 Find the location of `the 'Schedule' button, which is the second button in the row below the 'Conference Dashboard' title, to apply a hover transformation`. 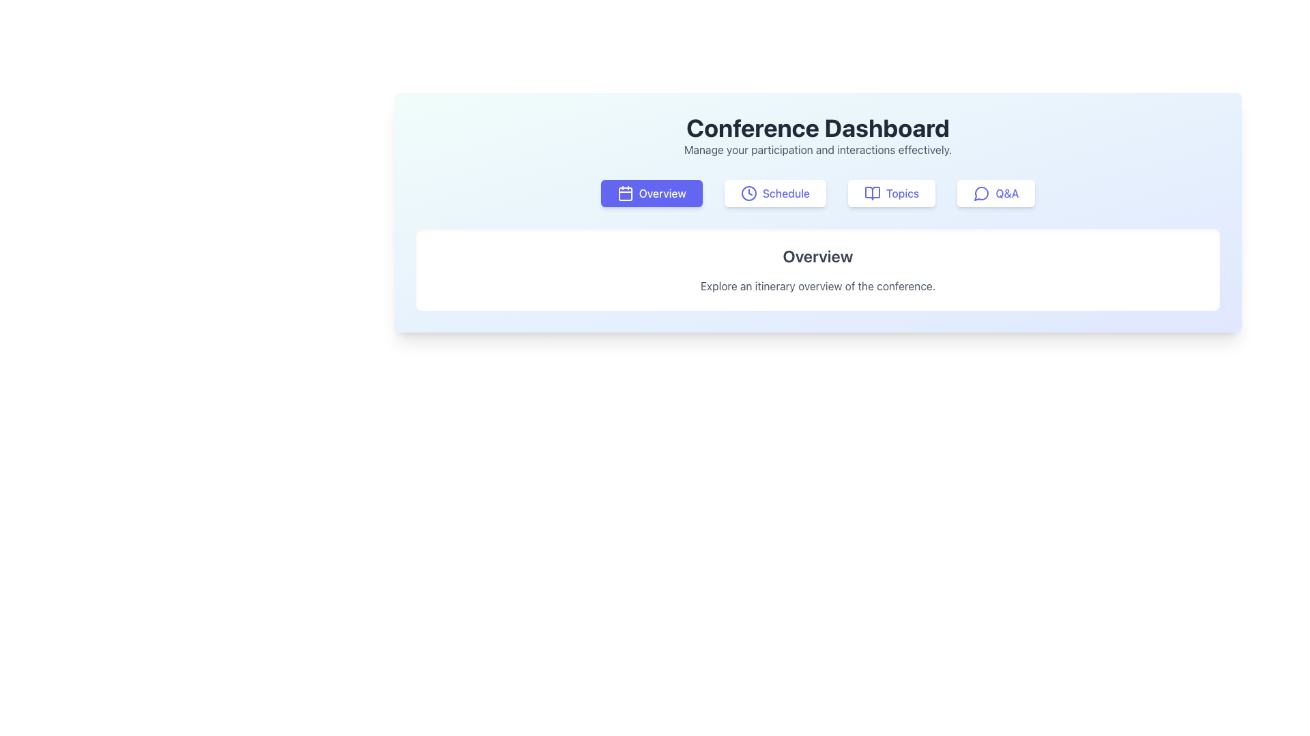

the 'Schedule' button, which is the second button in the row below the 'Conference Dashboard' title, to apply a hover transformation is located at coordinates (775, 194).